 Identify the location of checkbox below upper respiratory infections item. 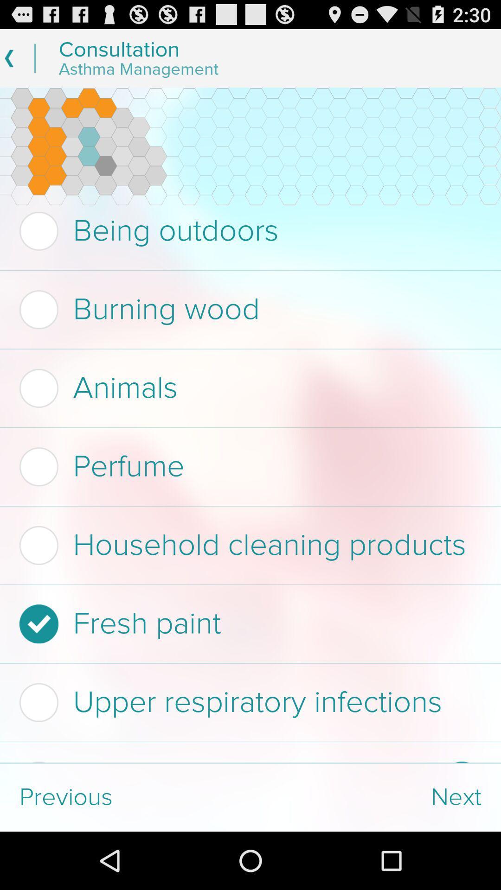
(228, 762).